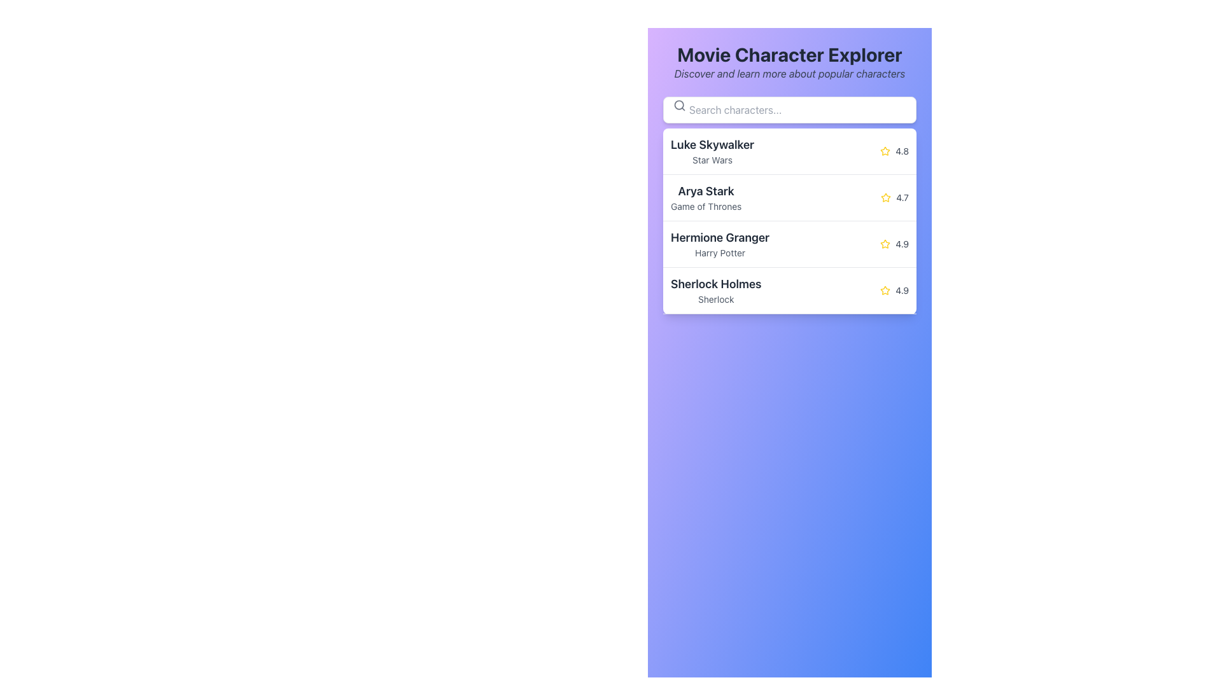 This screenshot has height=687, width=1222. I want to click on the static text element displaying 'Hermione Granger' and 'Harry Potter' in the third row of the 'Movie Character Explorer' list, so click(720, 244).